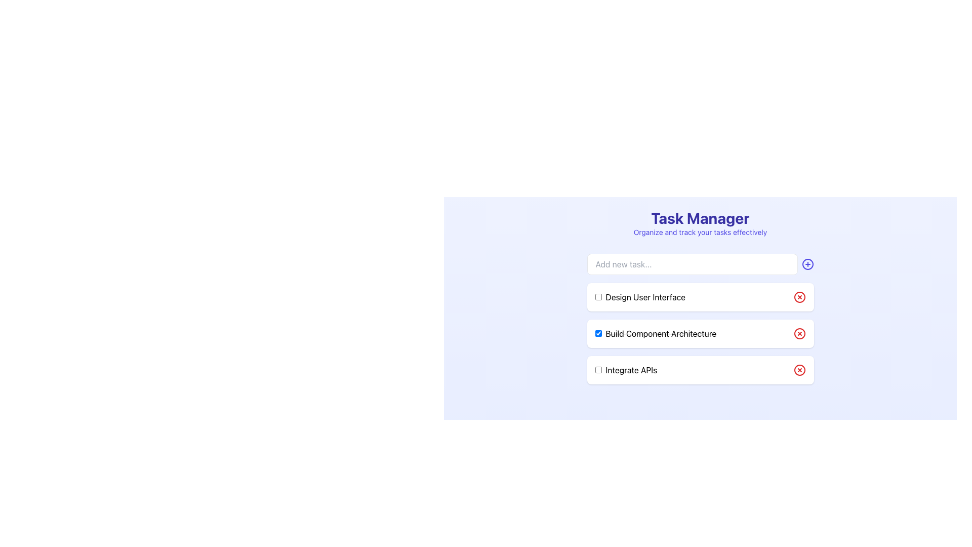  What do you see at coordinates (807, 263) in the screenshot?
I see `the circular indigo button with a '+' sign` at bounding box center [807, 263].